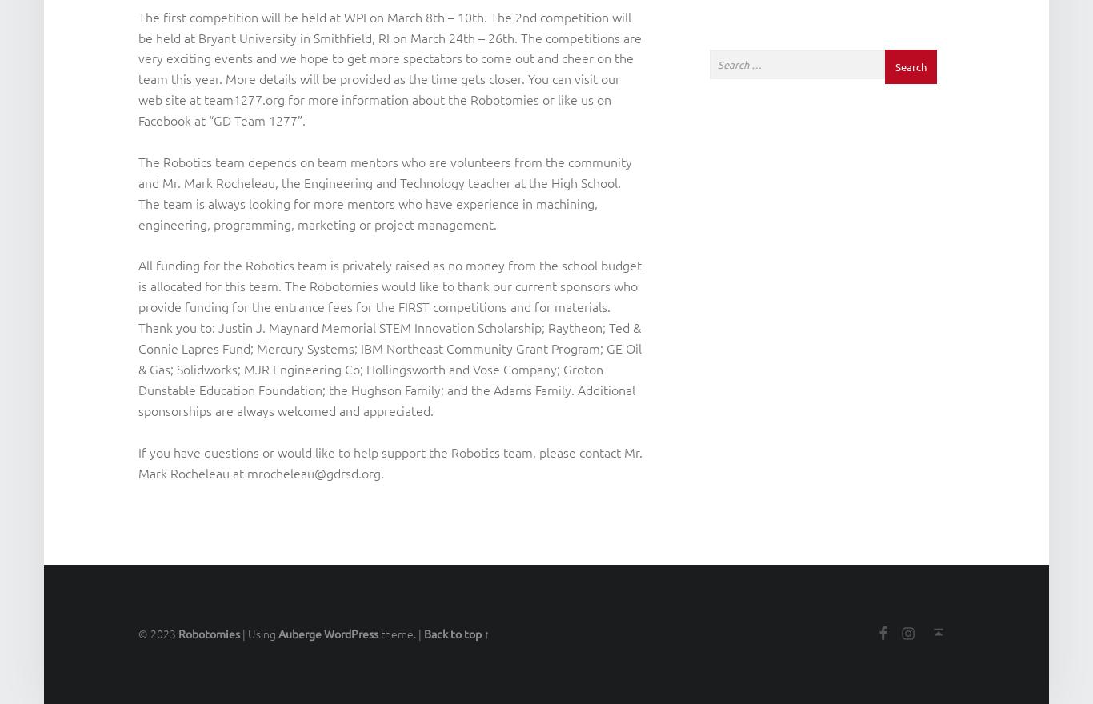  Describe the element at coordinates (385, 190) in the screenshot. I see `'The Robotics team depends on team mentors who are volunteers from the community and Mr. Mark Rocheleau, the Engineering and Technology teacher at the High School. The team is always looking for more mentors who have experience in machining, engineering, programming, marketing or project management.'` at that location.